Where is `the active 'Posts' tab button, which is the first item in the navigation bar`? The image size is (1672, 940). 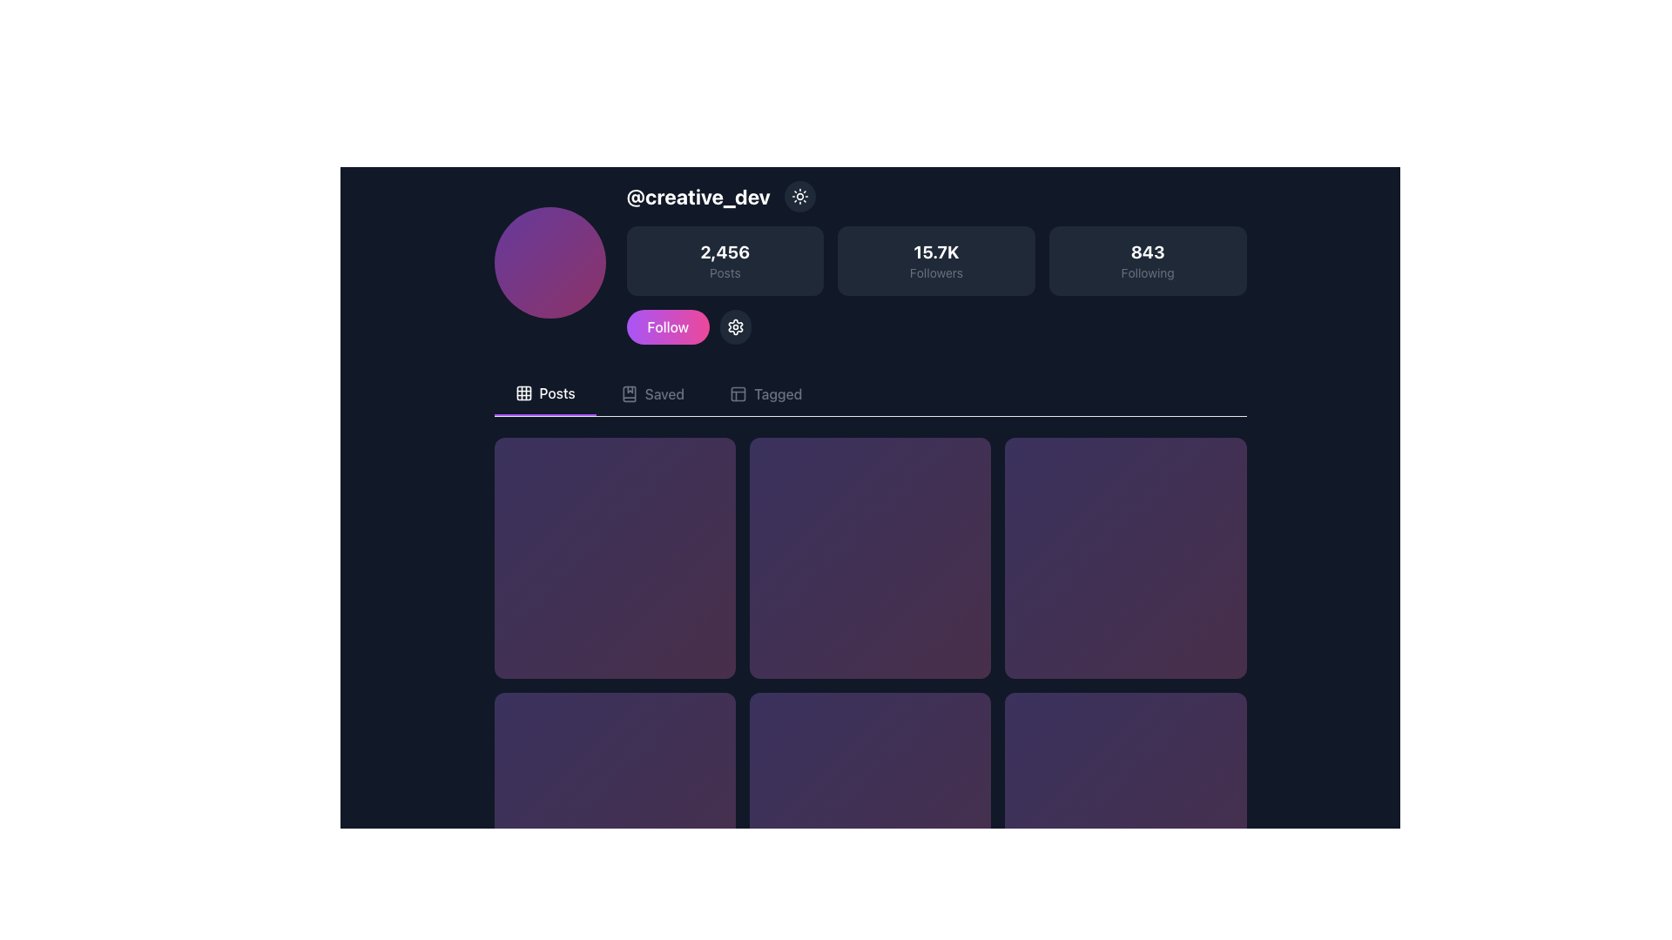
the active 'Posts' tab button, which is the first item in the navigation bar is located at coordinates (543, 393).